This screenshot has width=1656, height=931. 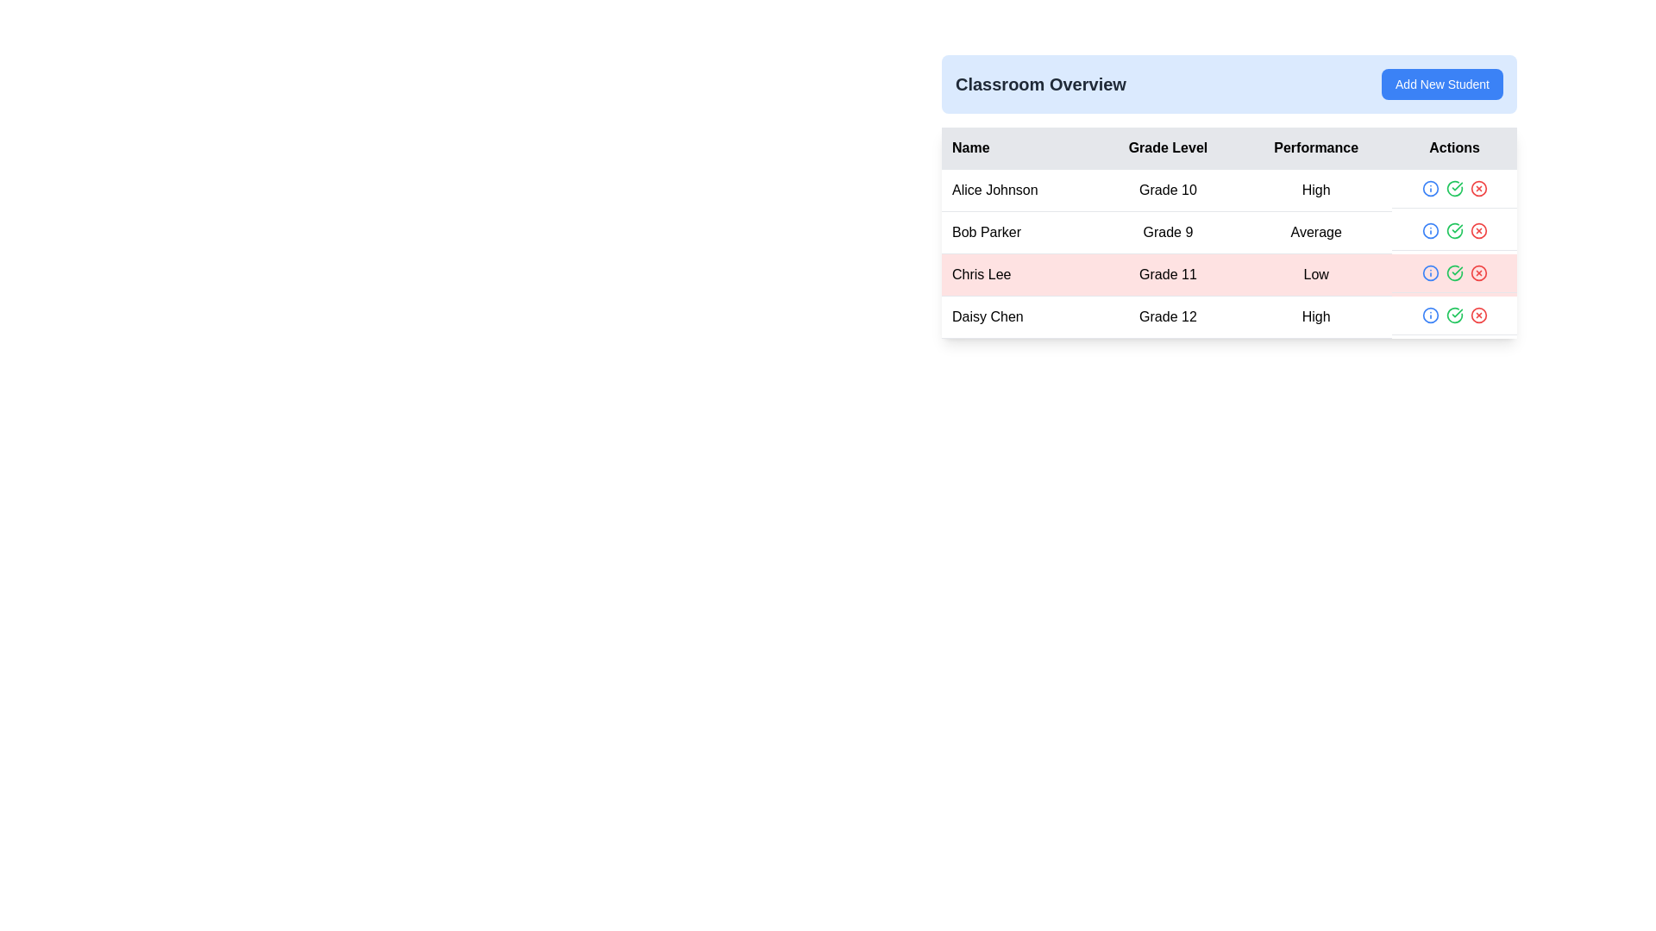 What do you see at coordinates (1168, 316) in the screenshot?
I see `the table cell displaying 'Grade 12' under the 'Grade Level' column for the row corresponding to 'Daisy Chen'` at bounding box center [1168, 316].